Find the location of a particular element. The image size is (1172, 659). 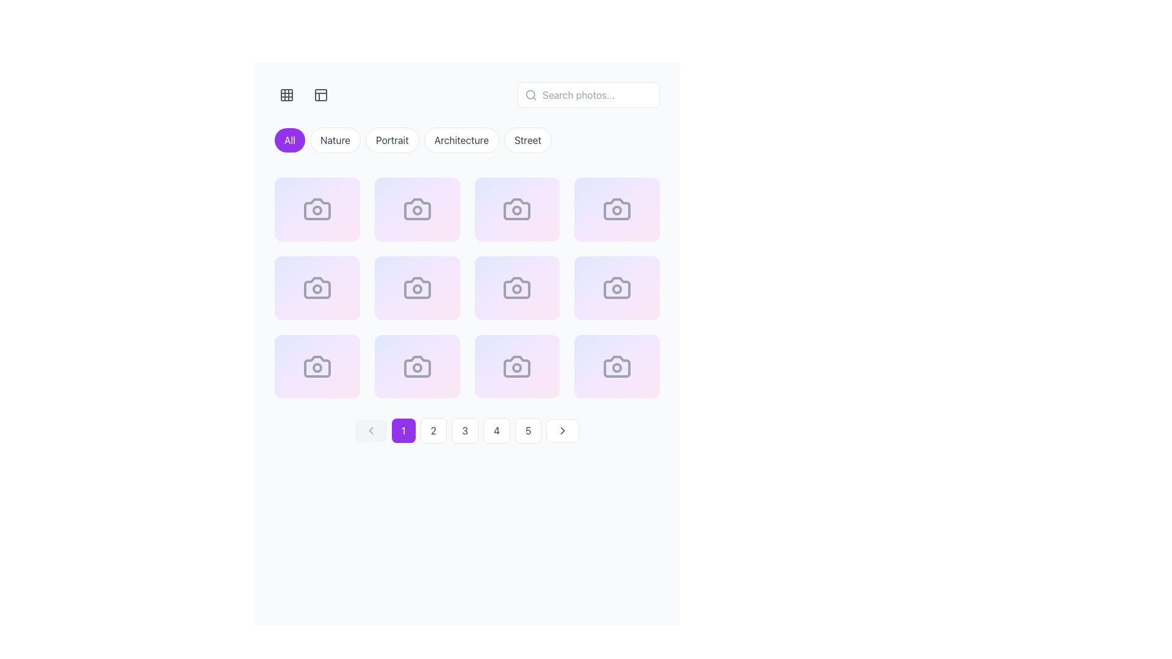

the circular, eye-like SVG element located in the center of the eleventh item in a 4x3 grid layout is located at coordinates (450, 378).